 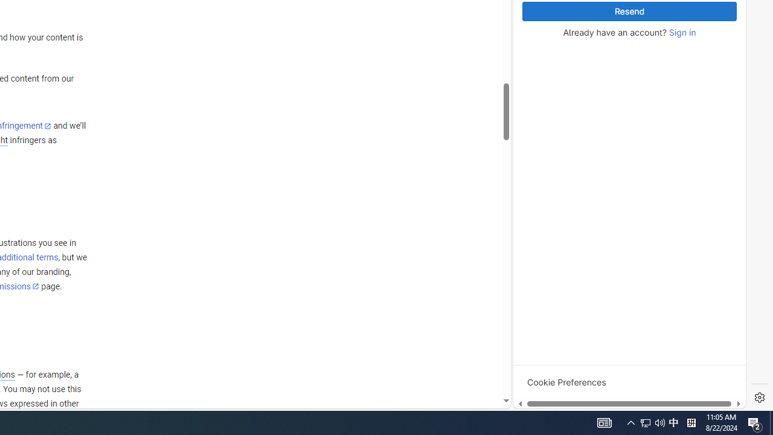 I want to click on 'Sign in', so click(x=682, y=32).